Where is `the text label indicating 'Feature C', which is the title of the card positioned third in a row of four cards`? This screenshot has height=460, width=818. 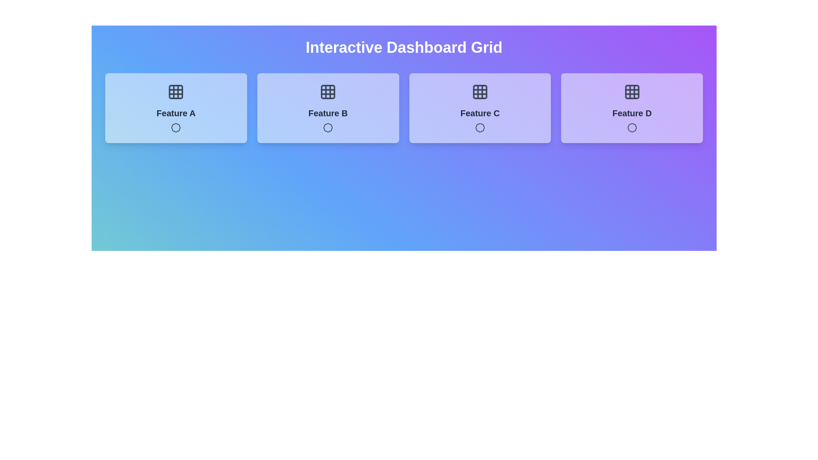 the text label indicating 'Feature C', which is the title of the card positioned third in a row of four cards is located at coordinates (480, 113).